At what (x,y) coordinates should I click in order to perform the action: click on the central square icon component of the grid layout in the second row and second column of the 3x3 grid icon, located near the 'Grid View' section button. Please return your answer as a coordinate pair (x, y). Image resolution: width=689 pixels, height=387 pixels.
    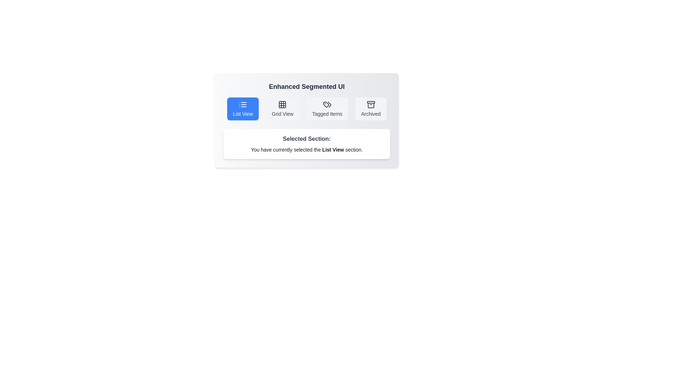
    Looking at the image, I should click on (282, 105).